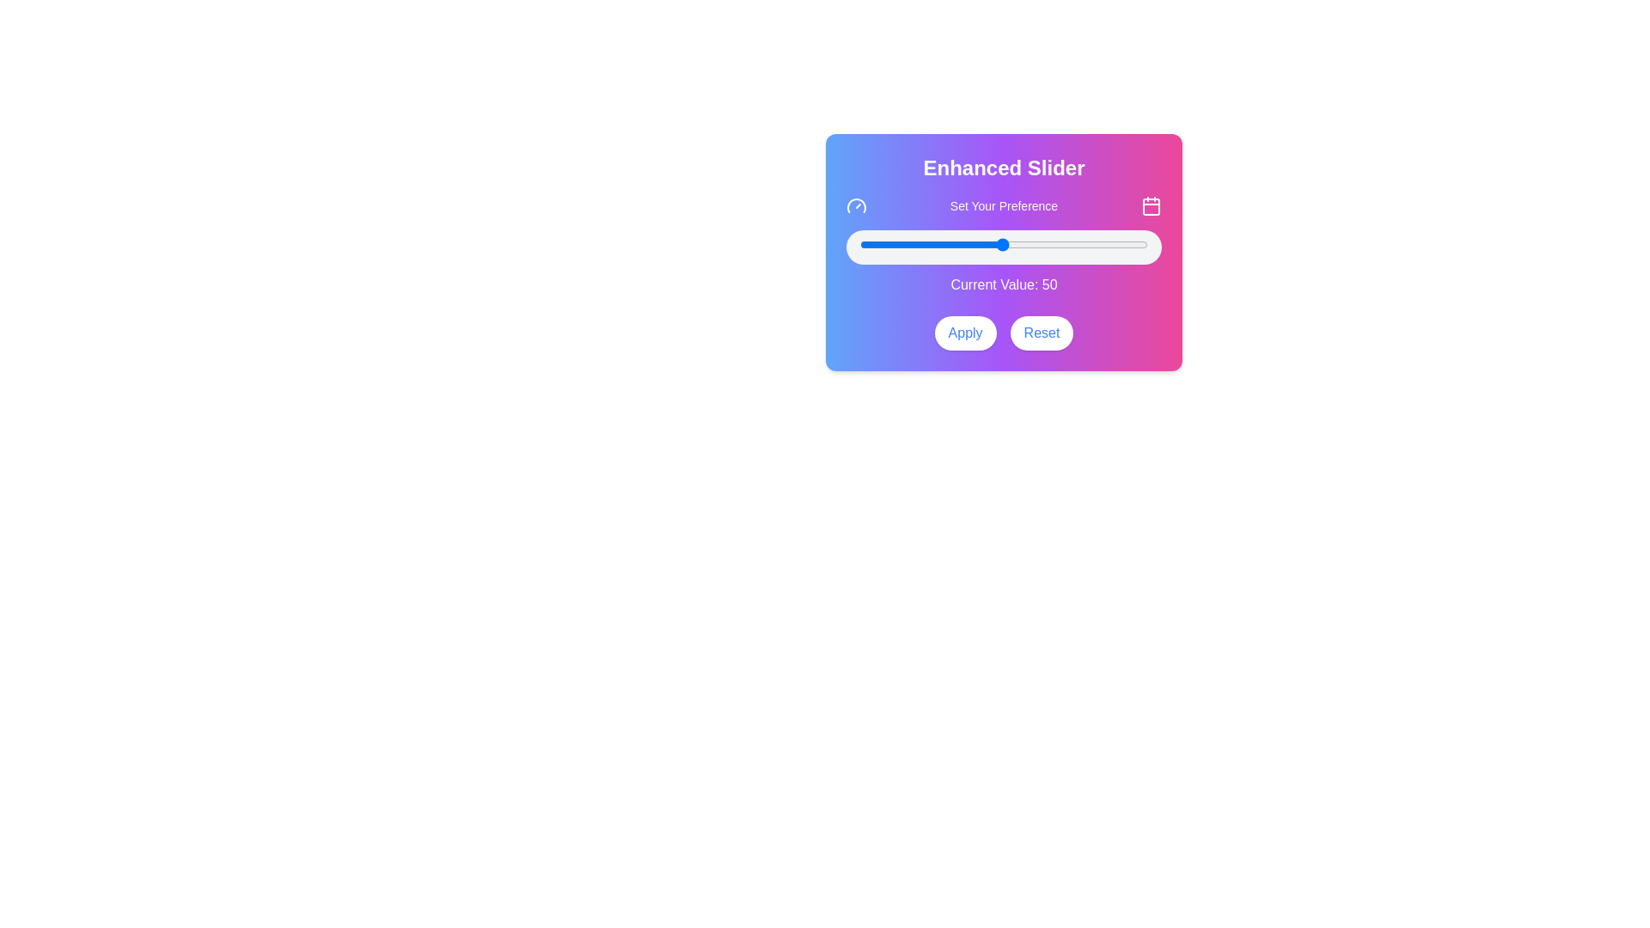 This screenshot has height=928, width=1650. What do you see at coordinates (923, 245) in the screenshot?
I see `the slider` at bounding box center [923, 245].